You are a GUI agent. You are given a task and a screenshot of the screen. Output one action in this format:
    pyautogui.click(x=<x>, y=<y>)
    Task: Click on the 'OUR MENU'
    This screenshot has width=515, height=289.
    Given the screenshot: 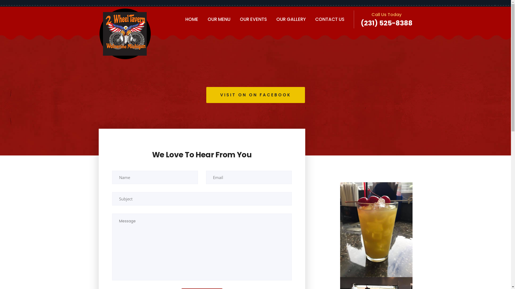 What is the action you would take?
    pyautogui.click(x=219, y=19)
    